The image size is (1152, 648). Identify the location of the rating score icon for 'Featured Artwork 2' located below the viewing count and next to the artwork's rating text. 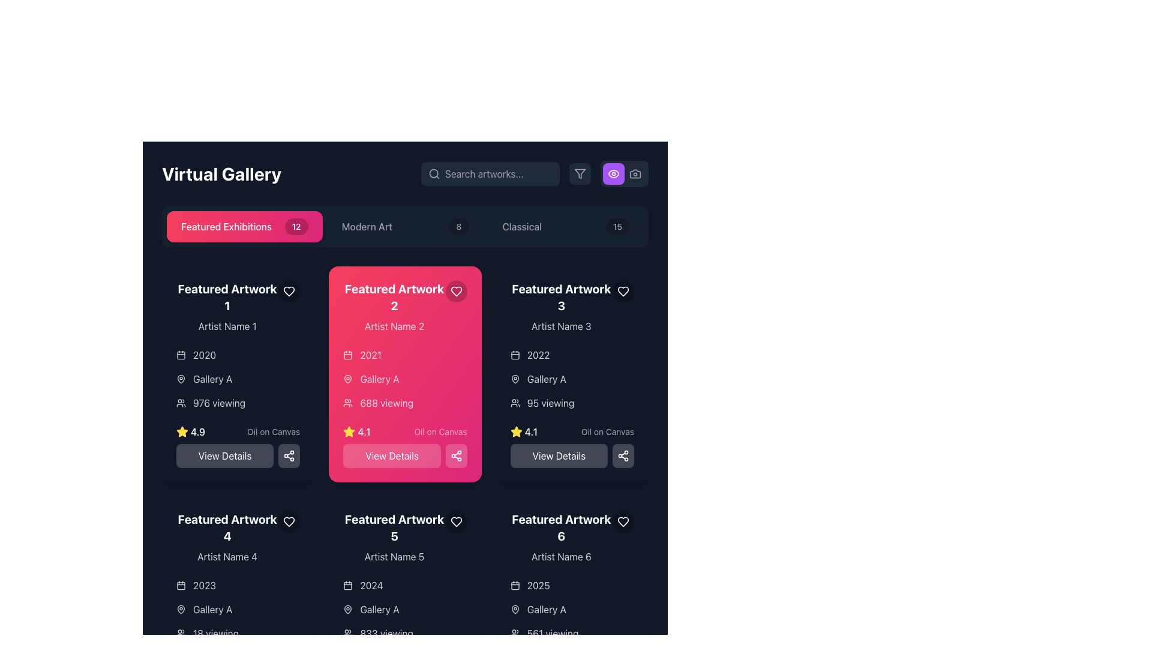
(349, 431).